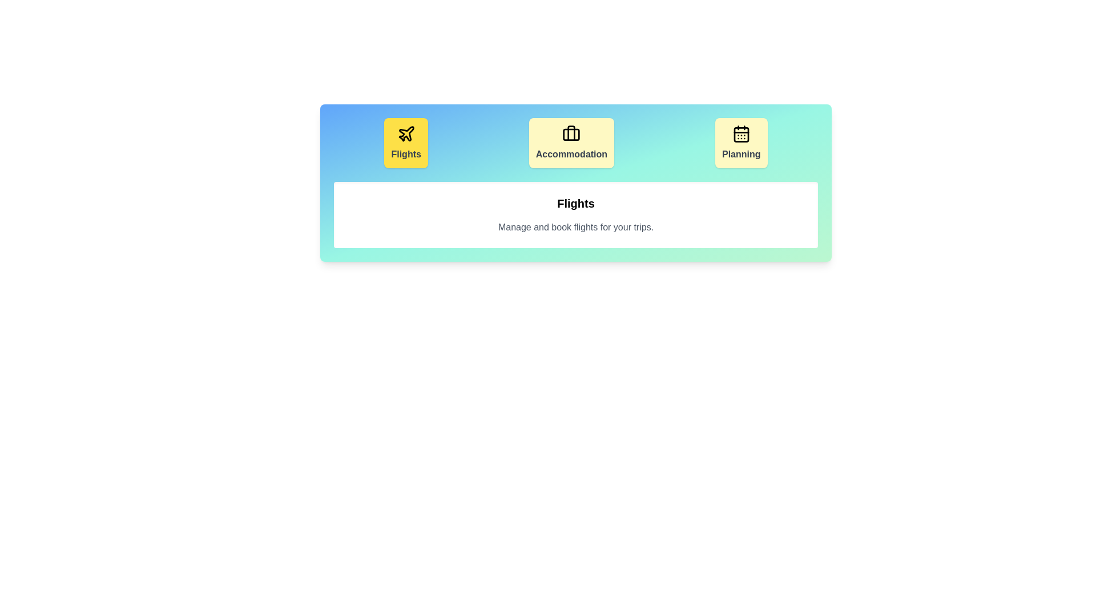 This screenshot has height=616, width=1096. I want to click on the button labeled Planning, so click(741, 142).